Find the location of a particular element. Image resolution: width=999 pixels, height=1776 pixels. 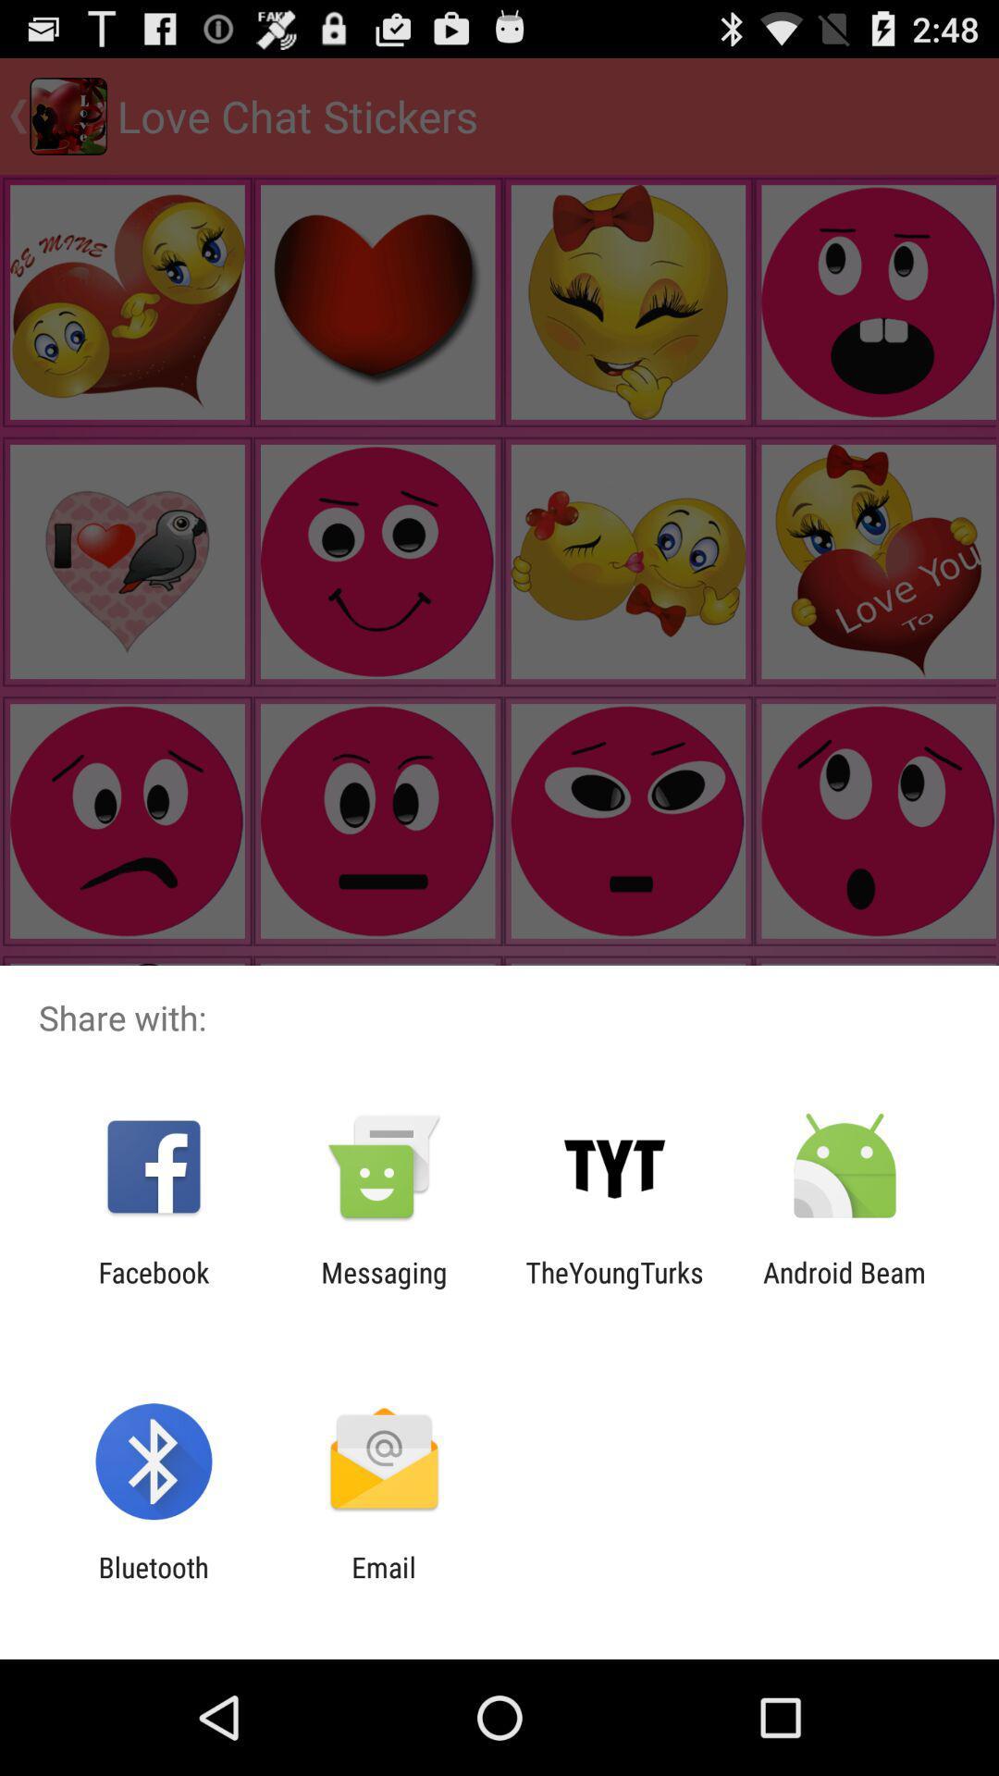

bluetooth is located at coordinates (153, 1583).